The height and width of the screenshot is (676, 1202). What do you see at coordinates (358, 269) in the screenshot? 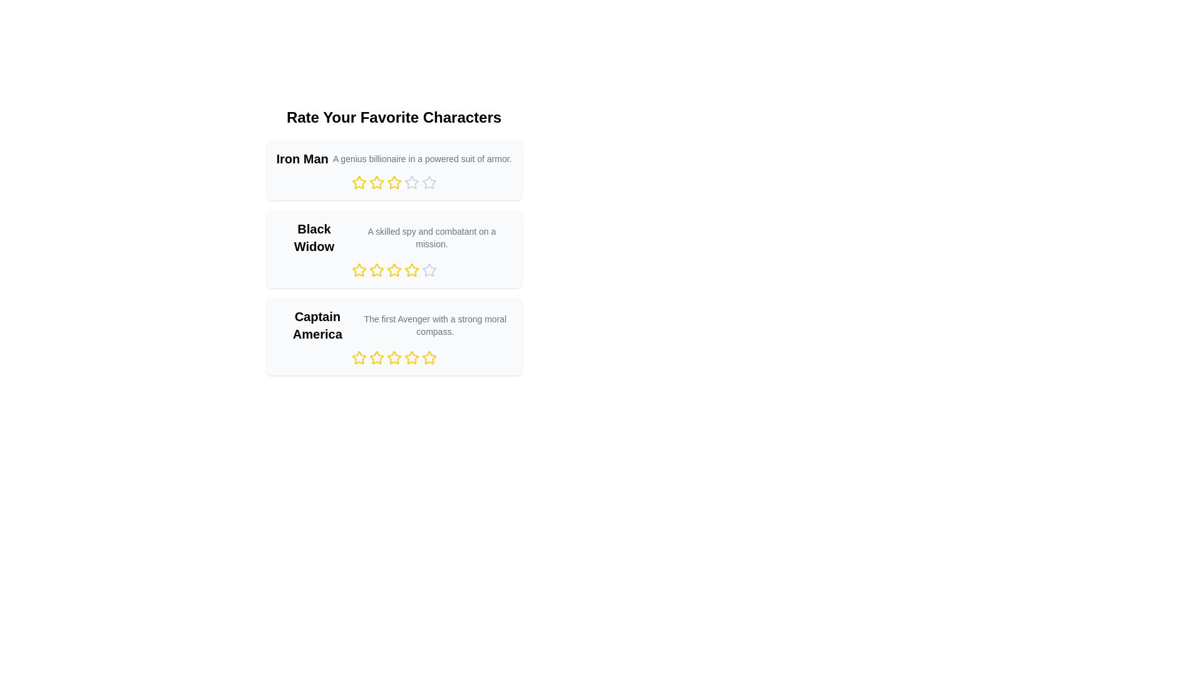
I see `the yellow star icon with a hollow center, which is the first star in the second row of the rating system below the text 'Black Widow'` at bounding box center [358, 269].